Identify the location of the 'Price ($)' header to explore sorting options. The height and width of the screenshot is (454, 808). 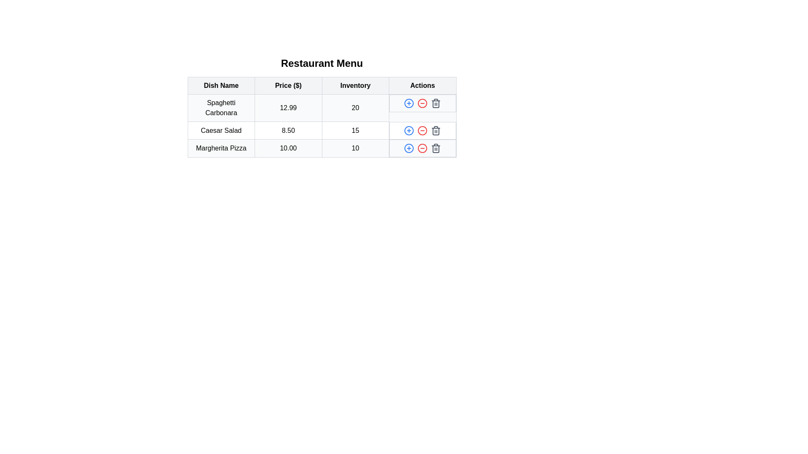
(288, 86).